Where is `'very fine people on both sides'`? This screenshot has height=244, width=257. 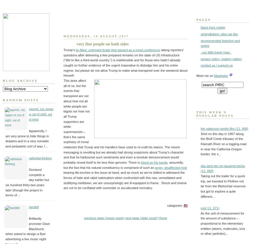
'very fine people on both sides' is located at coordinates (76, 43).